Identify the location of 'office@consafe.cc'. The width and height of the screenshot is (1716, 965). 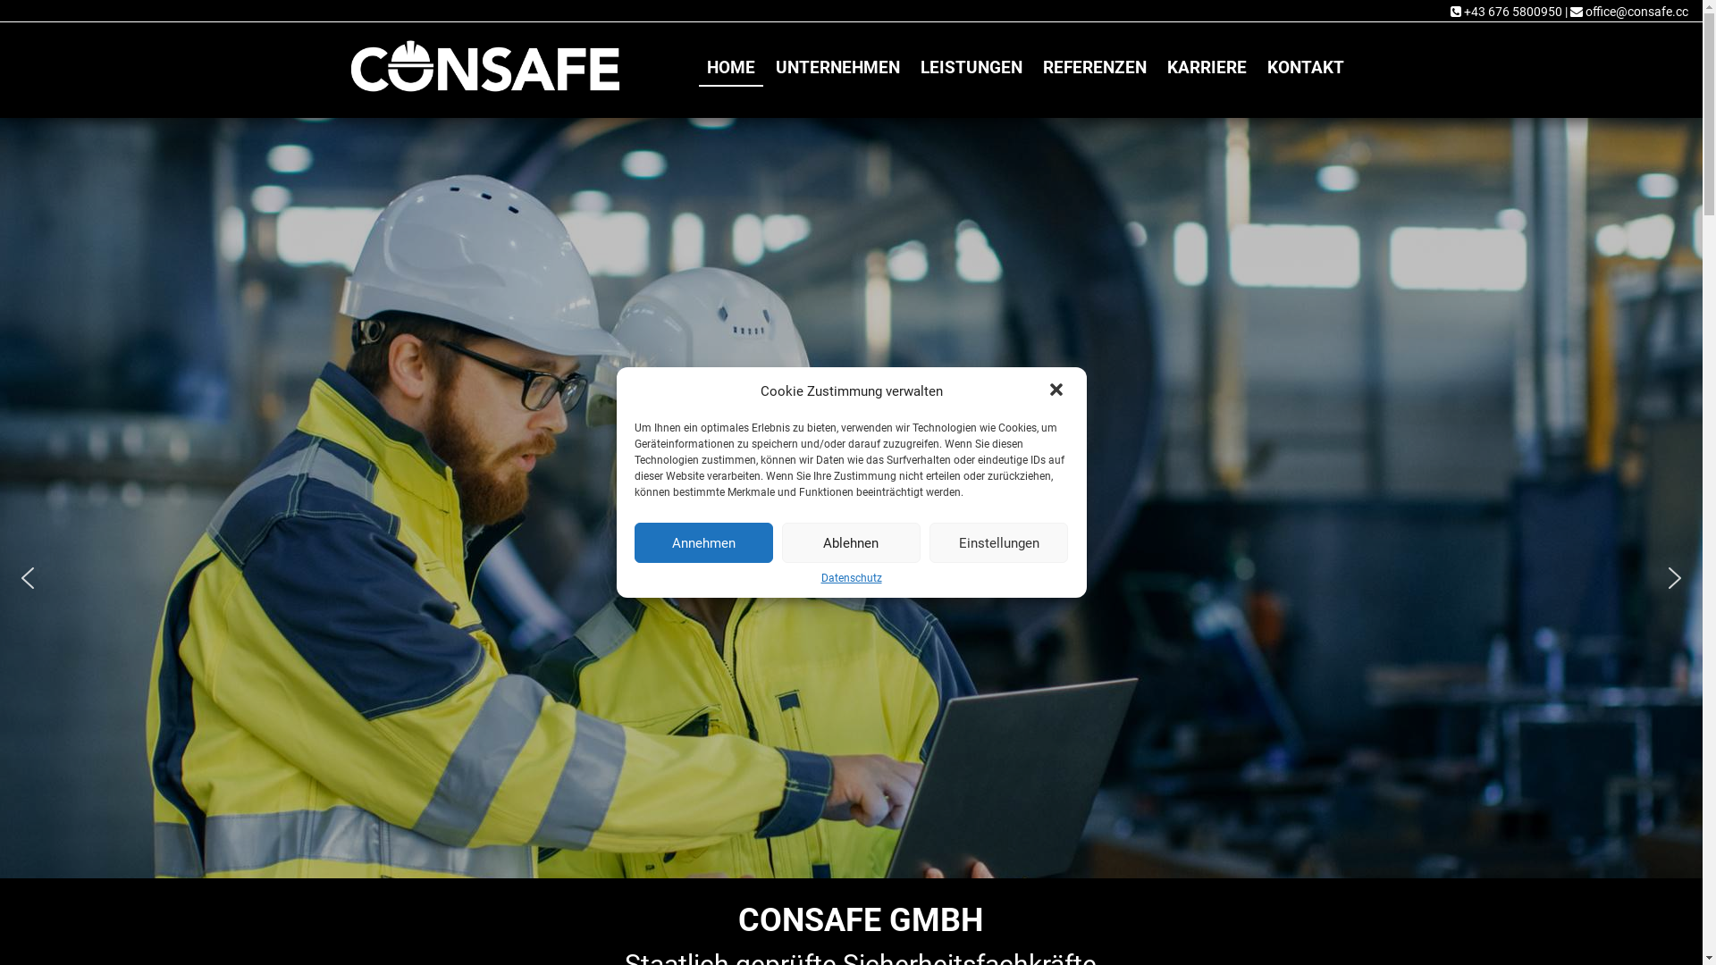
(1629, 11).